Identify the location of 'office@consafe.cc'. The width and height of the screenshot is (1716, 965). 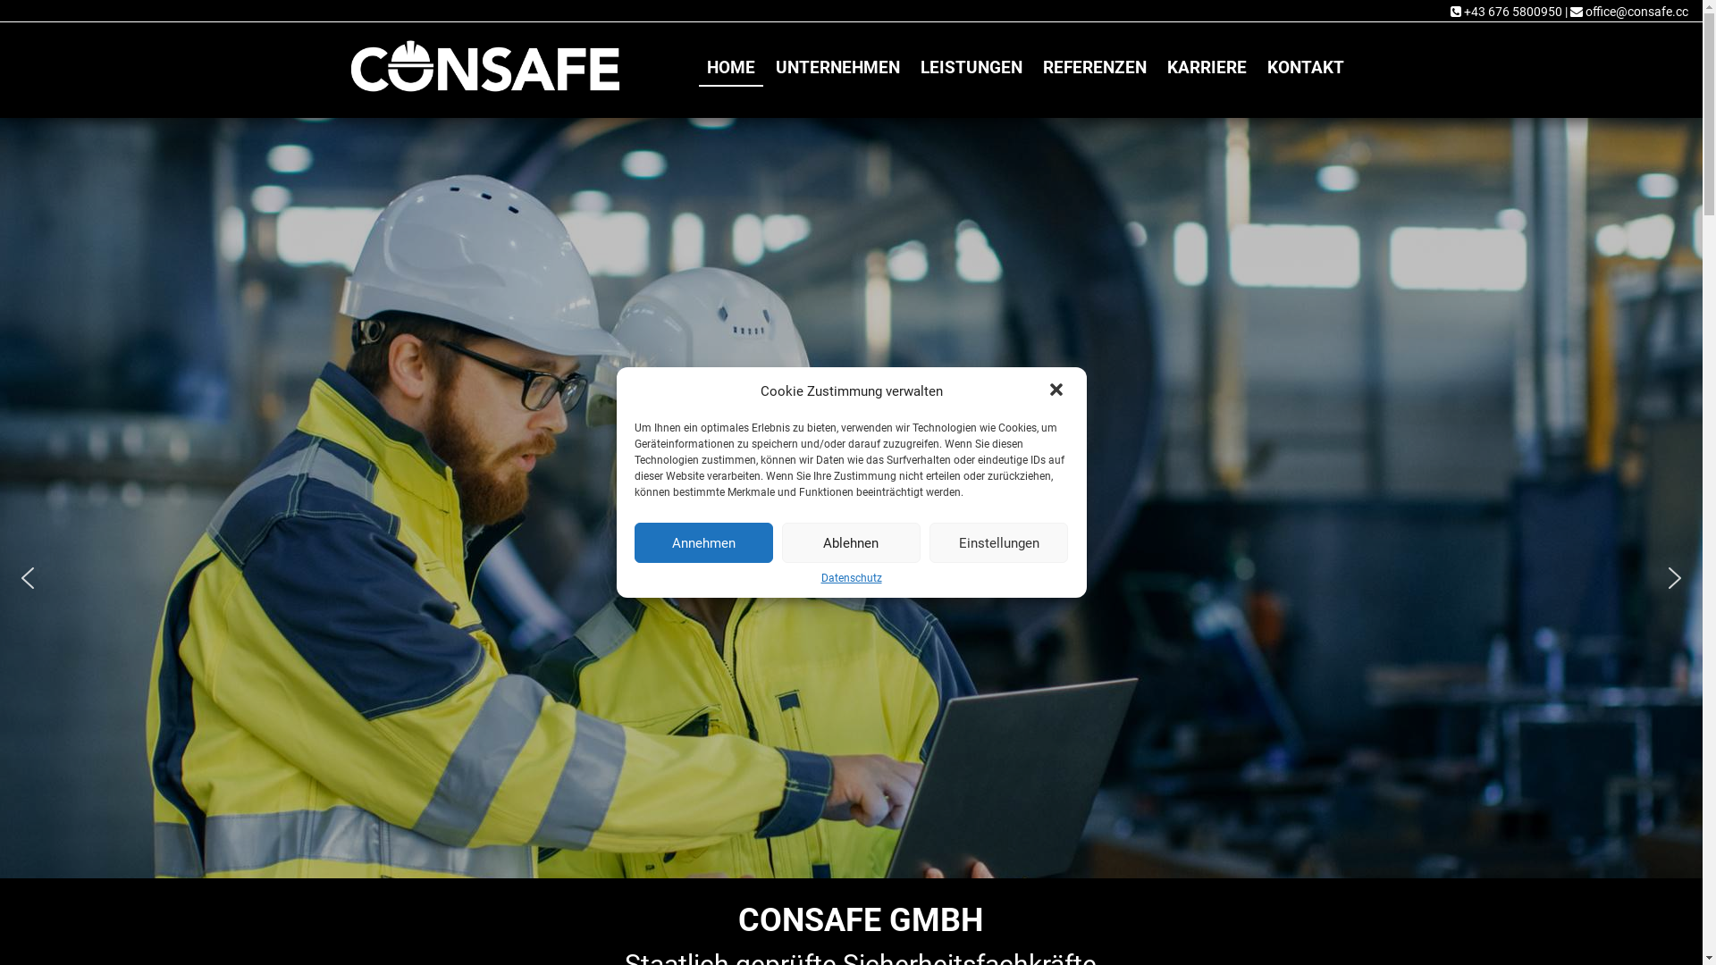
(1629, 11).